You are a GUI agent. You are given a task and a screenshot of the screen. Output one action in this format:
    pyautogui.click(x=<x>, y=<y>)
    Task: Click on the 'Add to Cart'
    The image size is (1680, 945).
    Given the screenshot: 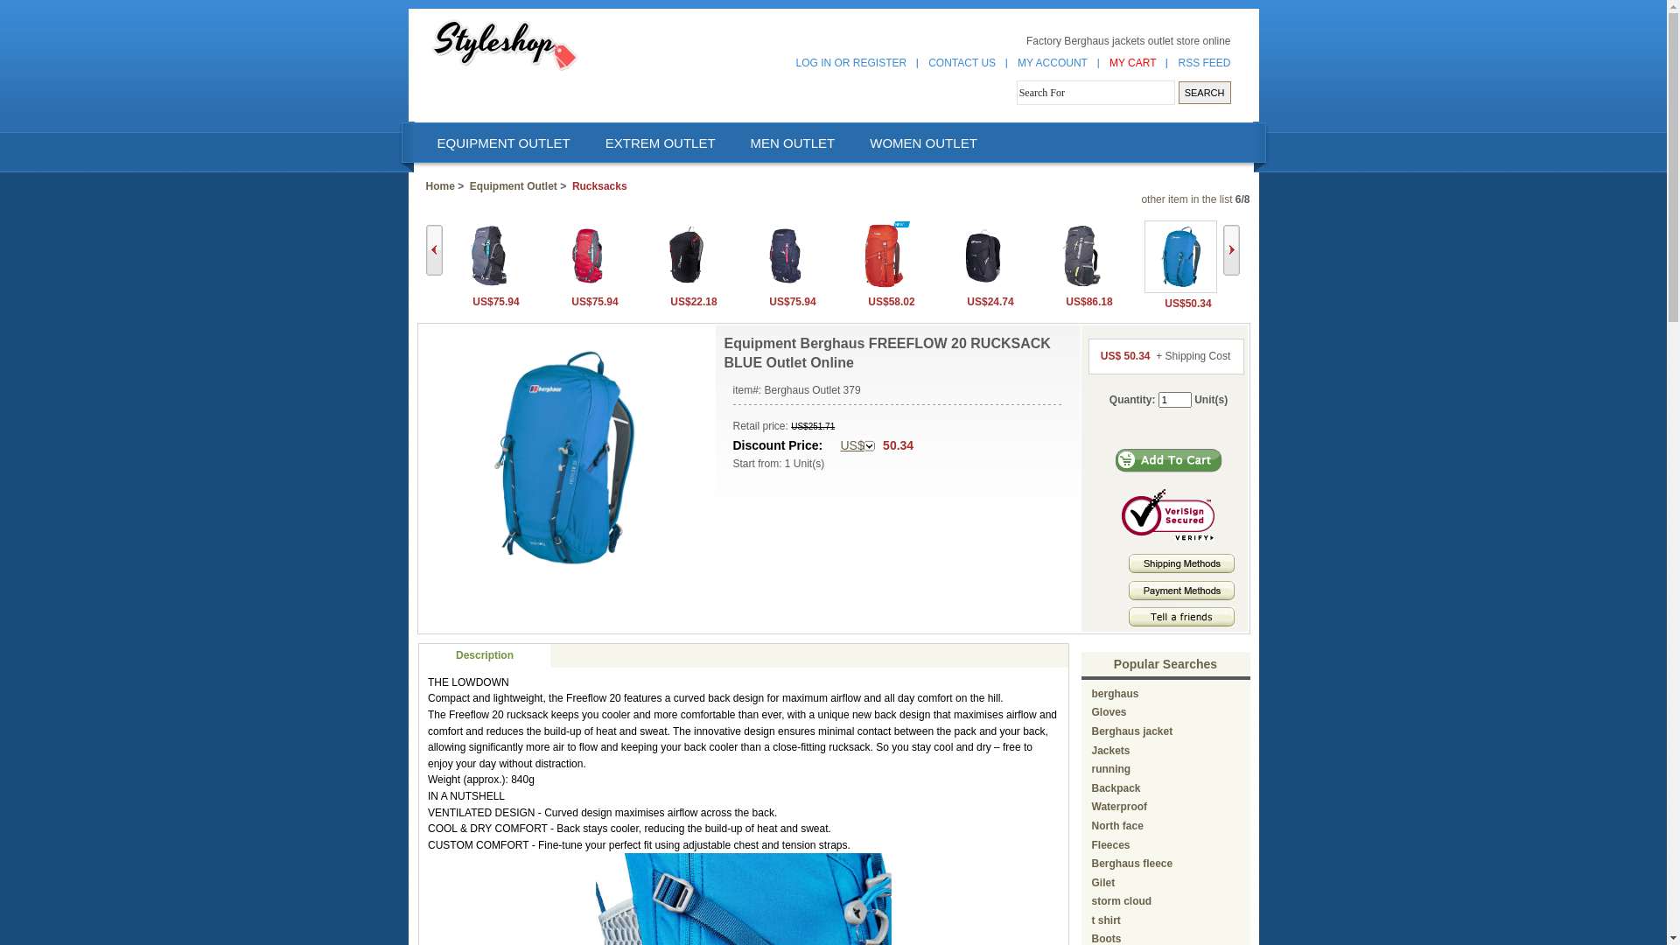 What is the action you would take?
    pyautogui.click(x=1168, y=459)
    